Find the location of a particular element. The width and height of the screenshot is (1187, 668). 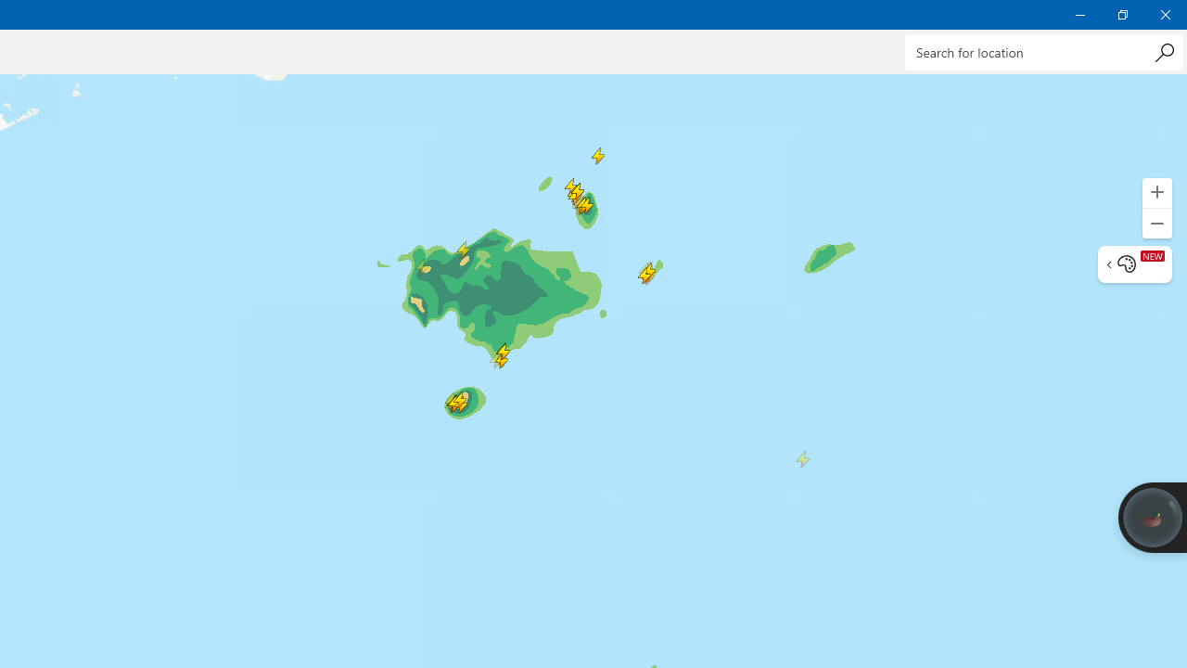

'Restore Weather' is located at coordinates (1121, 14).